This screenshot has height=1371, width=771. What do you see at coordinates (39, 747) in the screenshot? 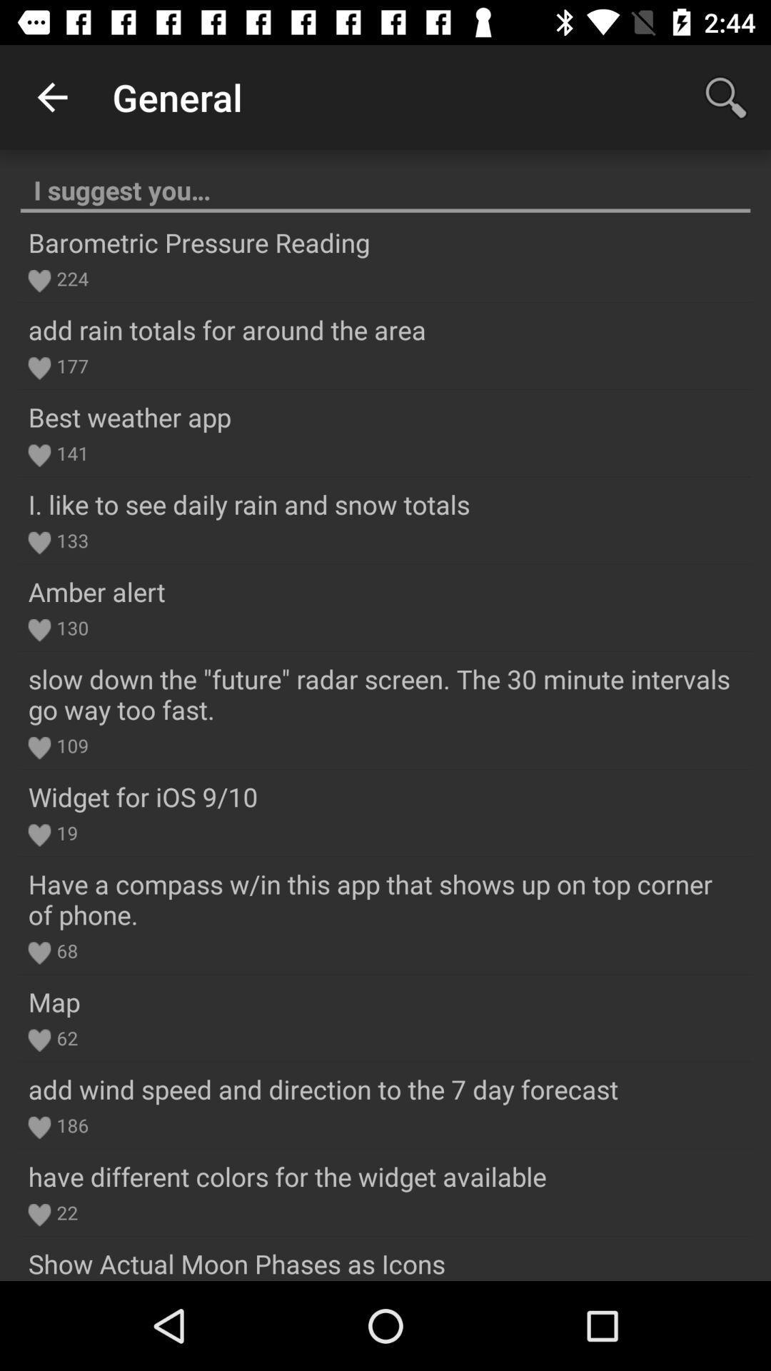
I see `the icon next to the 109 item` at bounding box center [39, 747].